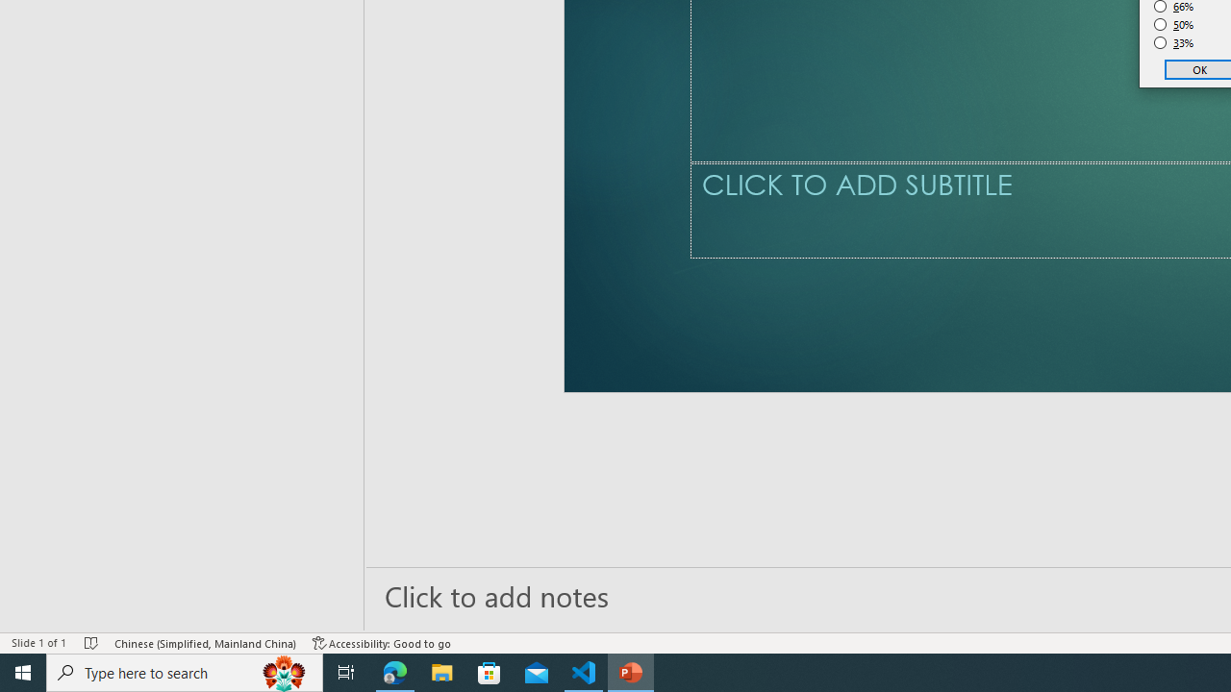  Describe the element at coordinates (1173, 43) in the screenshot. I see `'33%'` at that location.